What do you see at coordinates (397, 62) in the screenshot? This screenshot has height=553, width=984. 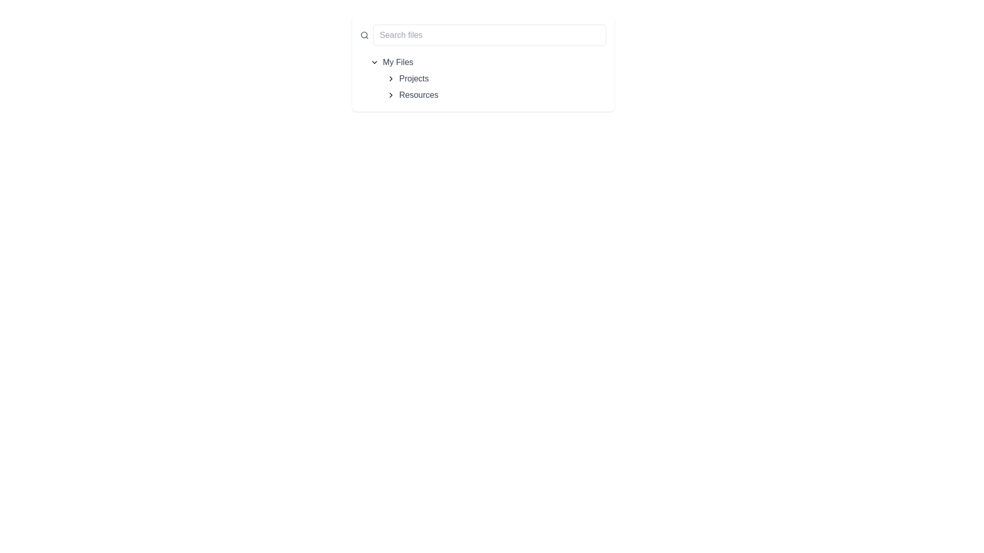 I see `text label that represents the collapsible section titled 'My Files', located to the right of the chevron-down icon` at bounding box center [397, 62].